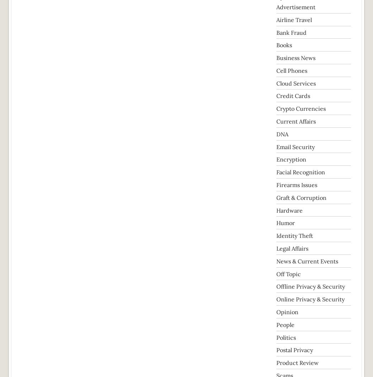 Image resolution: width=373 pixels, height=377 pixels. What do you see at coordinates (296, 58) in the screenshot?
I see `'Business News'` at bounding box center [296, 58].